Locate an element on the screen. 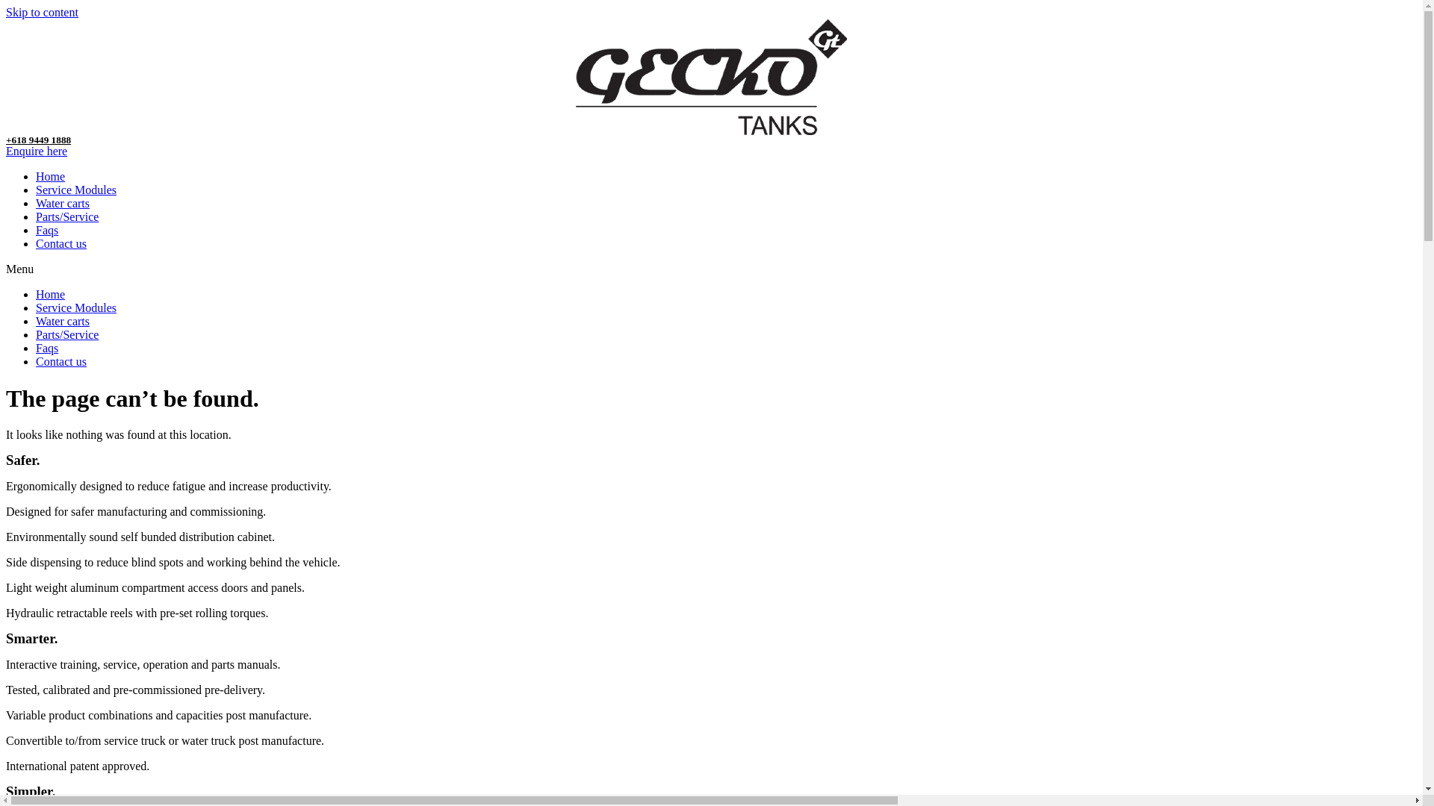 This screenshot has width=1434, height=806. 'Service Modules' is located at coordinates (75, 189).